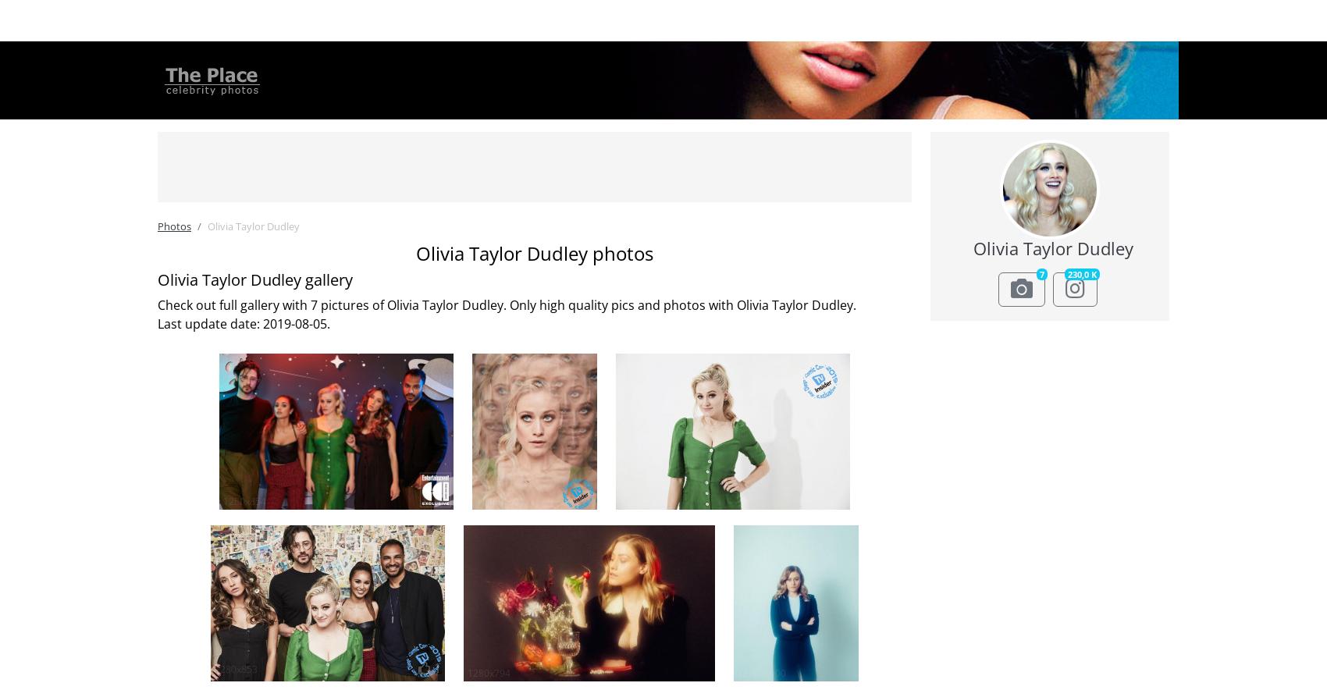 The image size is (1327, 690). Describe the element at coordinates (260, 187) in the screenshot. I see `'Gigi Hadid'` at that location.